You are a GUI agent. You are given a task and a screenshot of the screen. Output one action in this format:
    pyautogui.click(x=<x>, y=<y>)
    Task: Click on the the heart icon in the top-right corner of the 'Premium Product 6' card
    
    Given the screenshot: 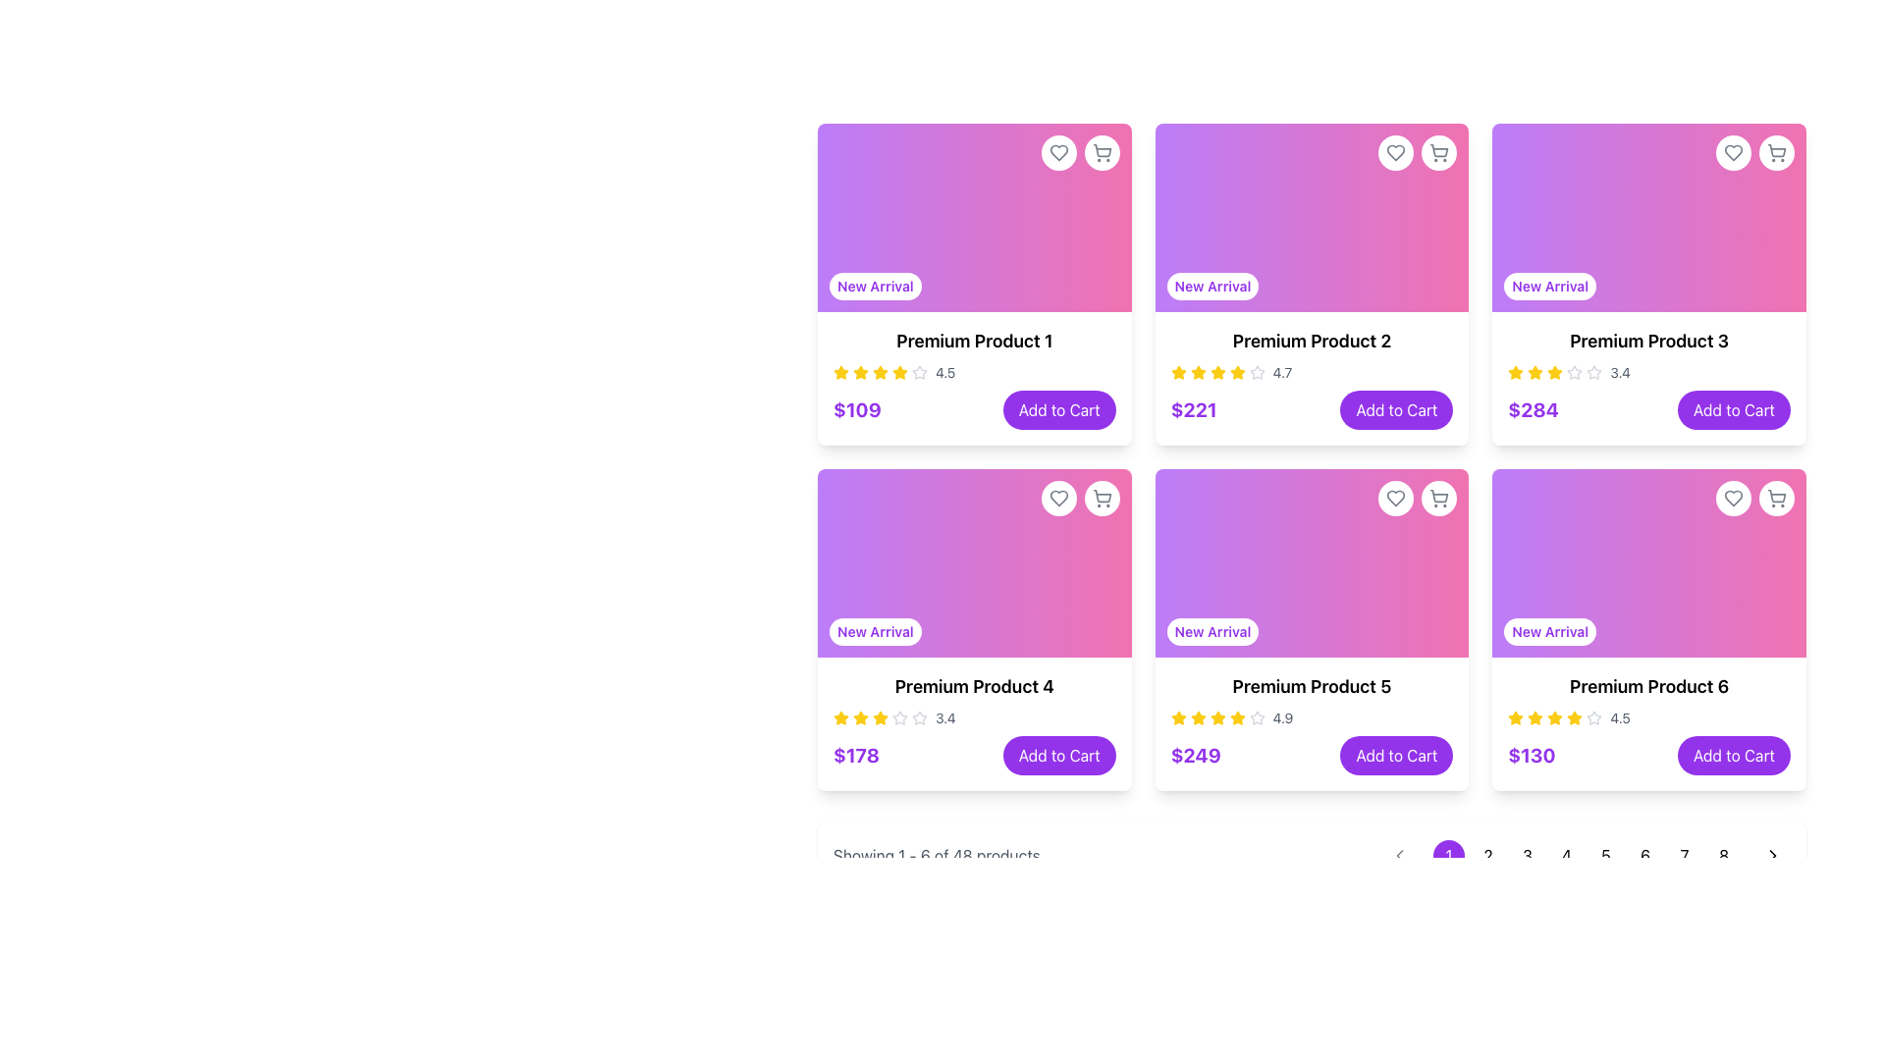 What is the action you would take?
    pyautogui.click(x=1734, y=498)
    